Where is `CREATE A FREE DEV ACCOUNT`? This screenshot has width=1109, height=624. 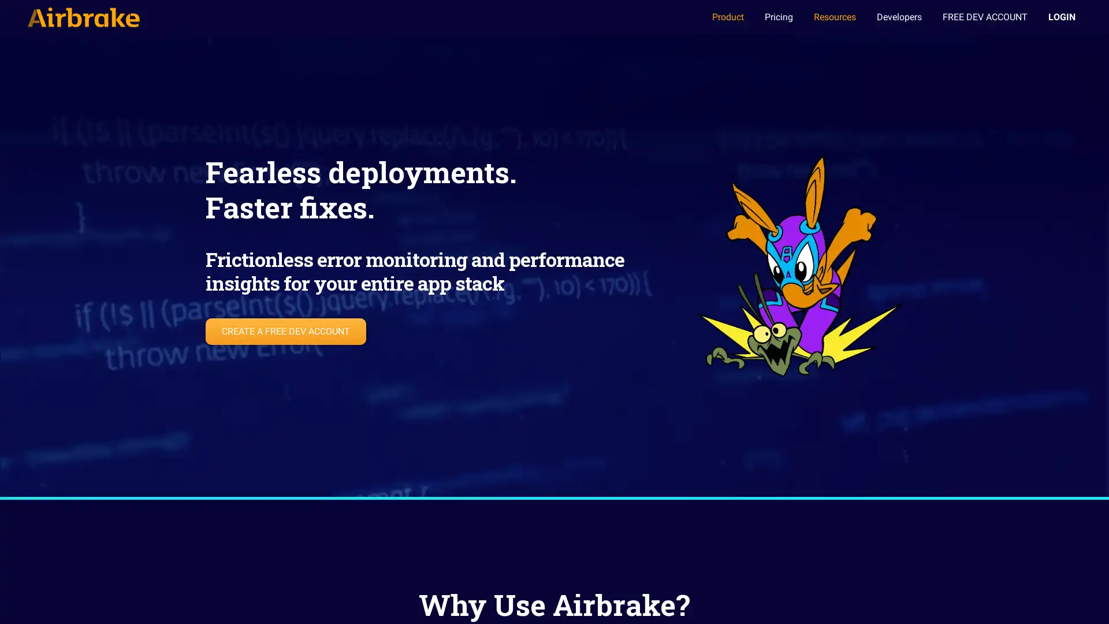 CREATE A FREE DEV ACCOUNT is located at coordinates (285, 331).